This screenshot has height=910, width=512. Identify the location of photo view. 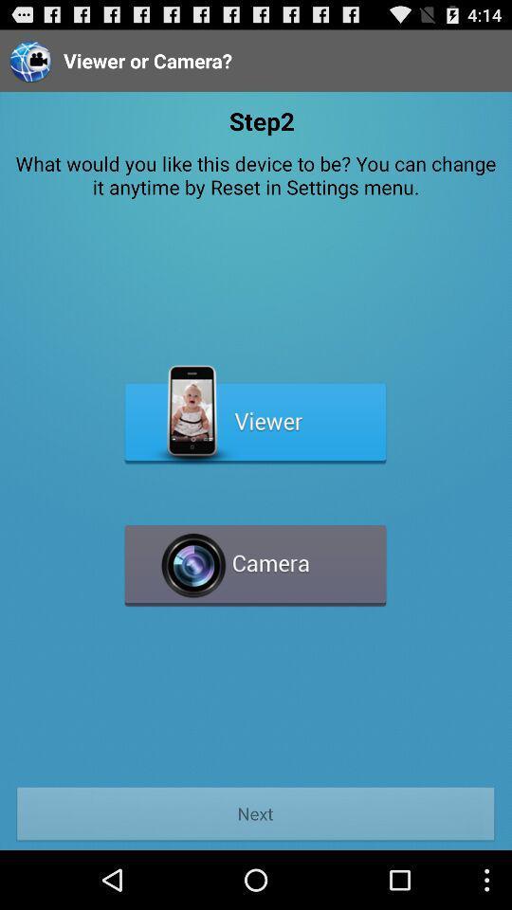
(255, 415).